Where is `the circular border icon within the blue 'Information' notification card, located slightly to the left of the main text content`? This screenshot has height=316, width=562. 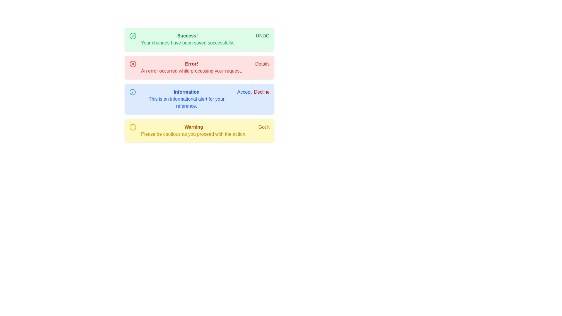 the circular border icon within the blue 'Information' notification card, located slightly to the left of the main text content is located at coordinates (132, 92).